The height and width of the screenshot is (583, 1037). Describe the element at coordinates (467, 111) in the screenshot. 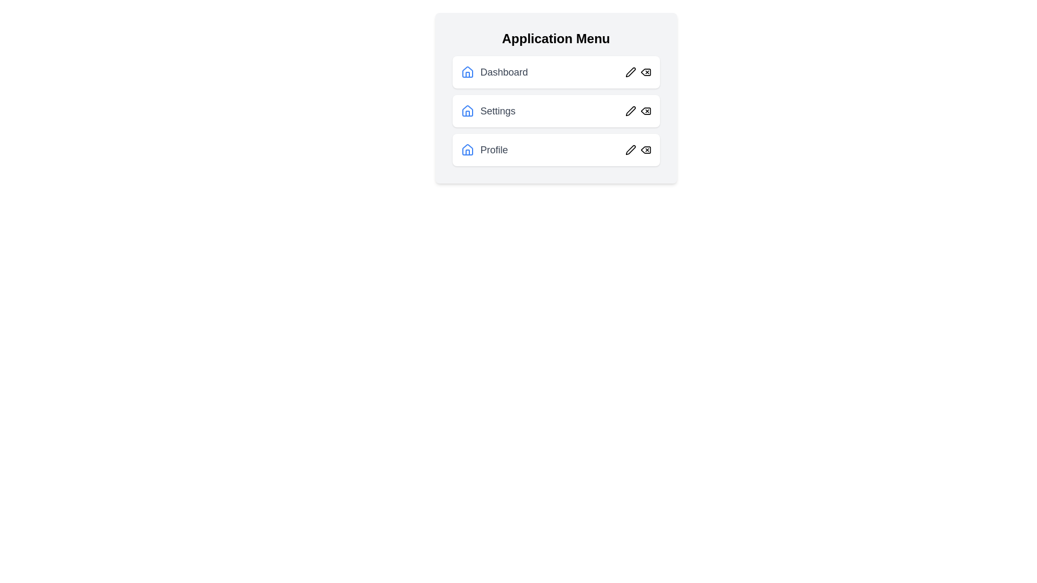

I see `the house-shaped icon with a blue outline located to the left of the 'Settings' text in the application menu` at that location.